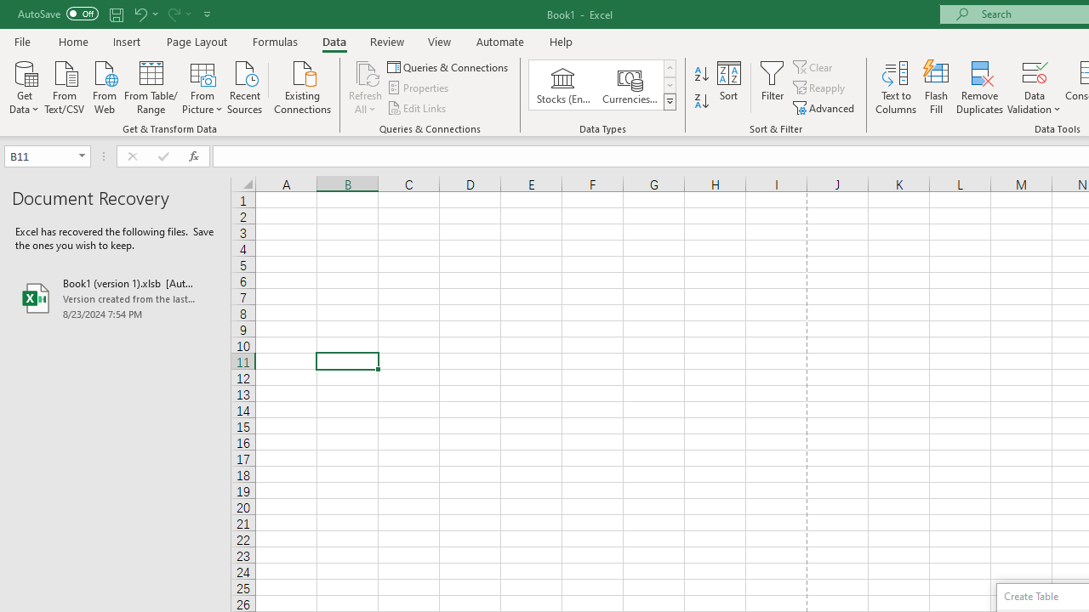 The width and height of the screenshot is (1089, 612). Describe the element at coordinates (701, 73) in the screenshot. I see `'Sort A to Z'` at that location.